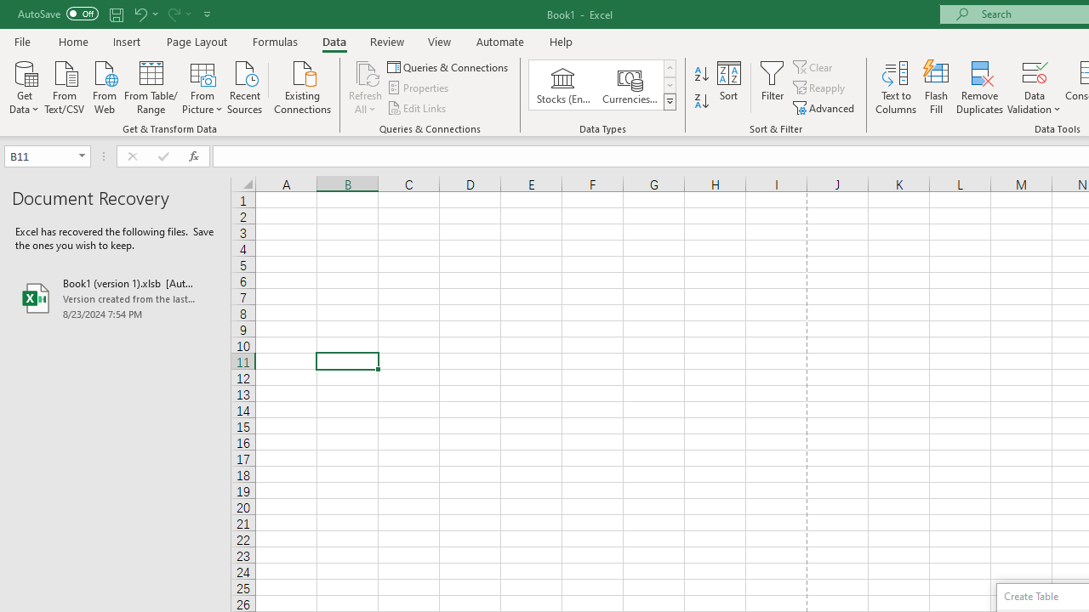 The width and height of the screenshot is (1089, 612). Describe the element at coordinates (701, 73) in the screenshot. I see `'Sort A to Z'` at that location.